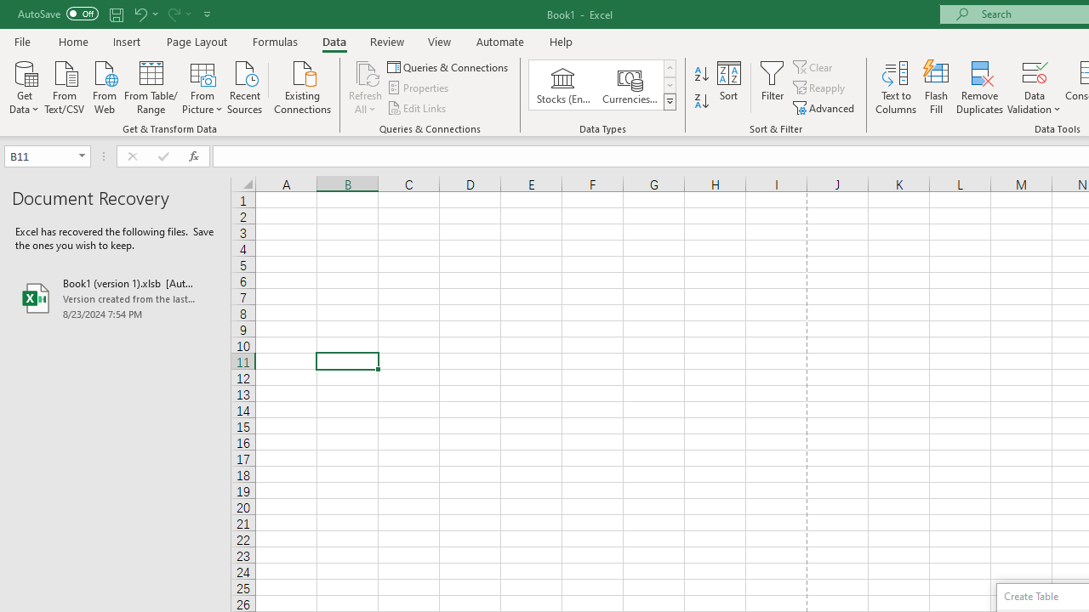 The width and height of the screenshot is (1089, 612). Describe the element at coordinates (701, 73) in the screenshot. I see `'Sort A to Z'` at that location.